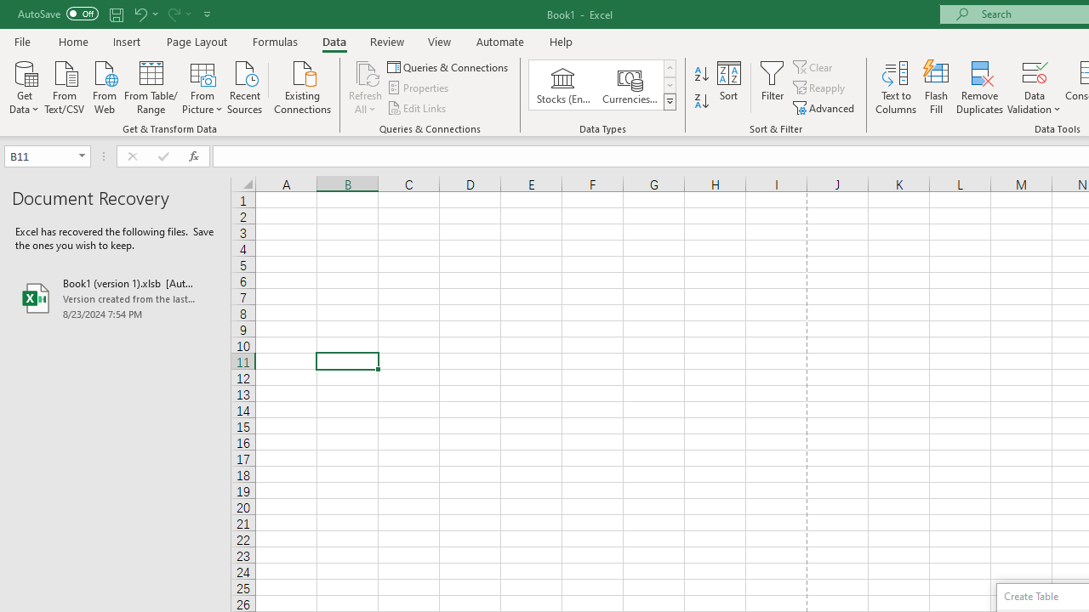 The width and height of the screenshot is (1089, 612). Describe the element at coordinates (701, 73) in the screenshot. I see `'Sort A to Z'` at that location.